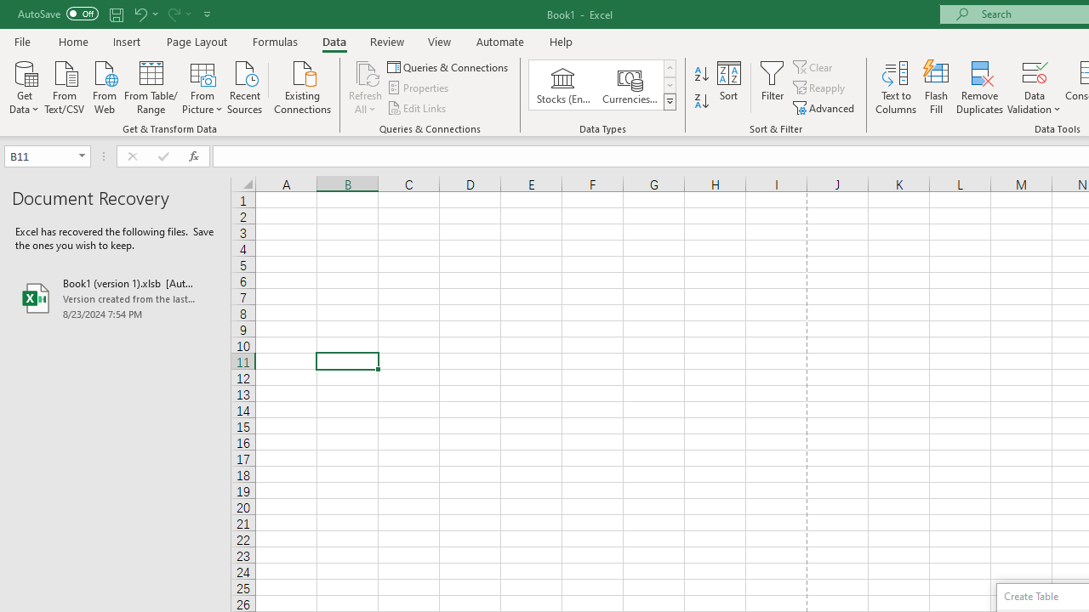 The width and height of the screenshot is (1089, 612). Describe the element at coordinates (701, 73) in the screenshot. I see `'Sort A to Z'` at that location.